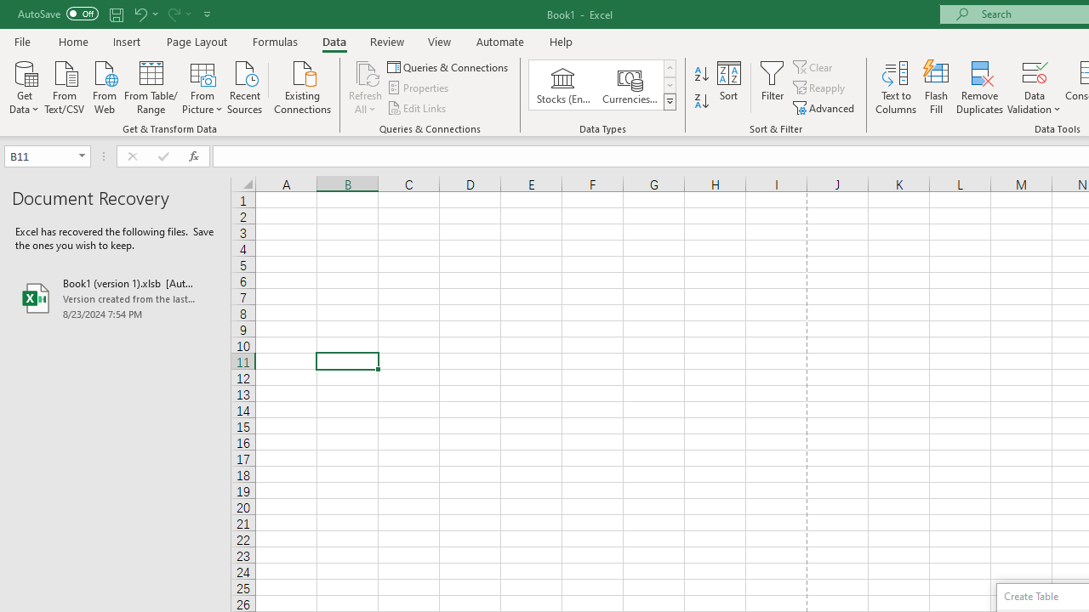 The width and height of the screenshot is (1089, 612). Describe the element at coordinates (701, 73) in the screenshot. I see `'Sort A to Z'` at that location.